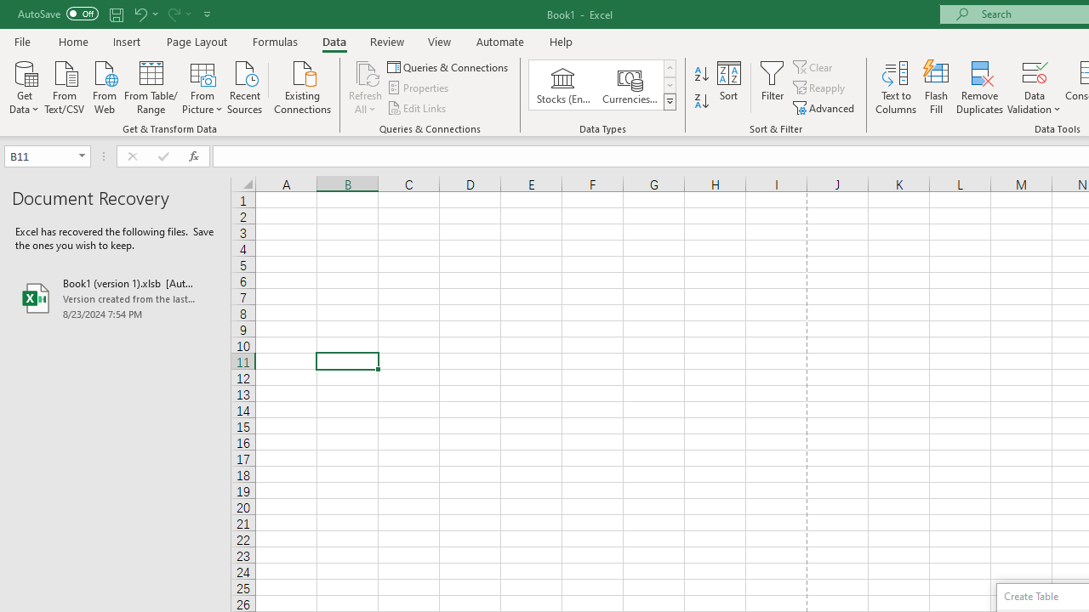 The width and height of the screenshot is (1089, 612). Describe the element at coordinates (701, 73) in the screenshot. I see `'Sort A to Z'` at that location.